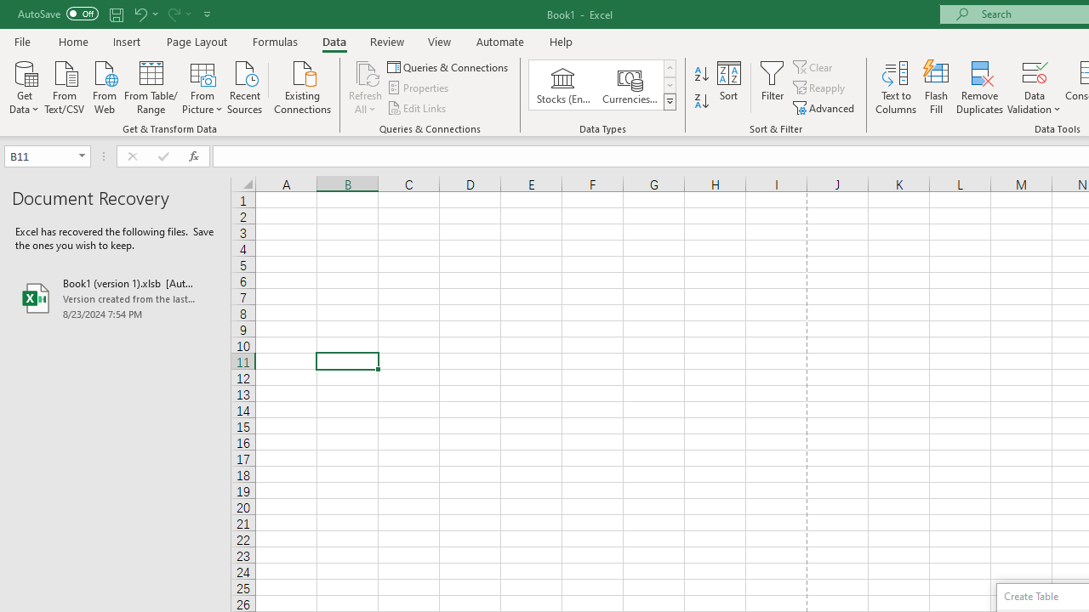 The width and height of the screenshot is (1089, 612). Describe the element at coordinates (701, 73) in the screenshot. I see `'Sort A to Z'` at that location.